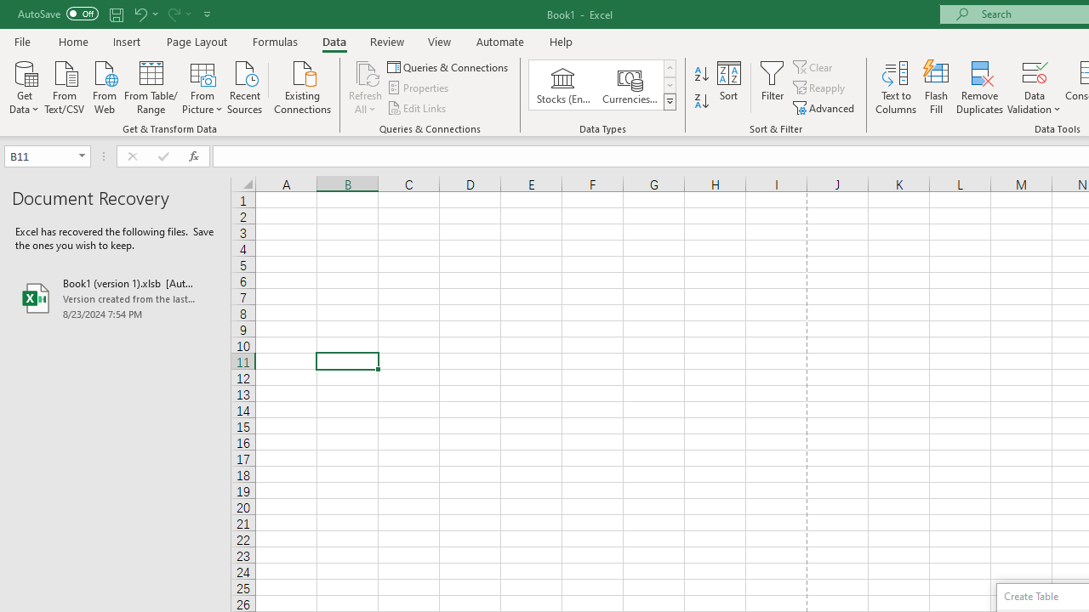 The width and height of the screenshot is (1089, 612). Describe the element at coordinates (701, 73) in the screenshot. I see `'Sort A to Z'` at that location.